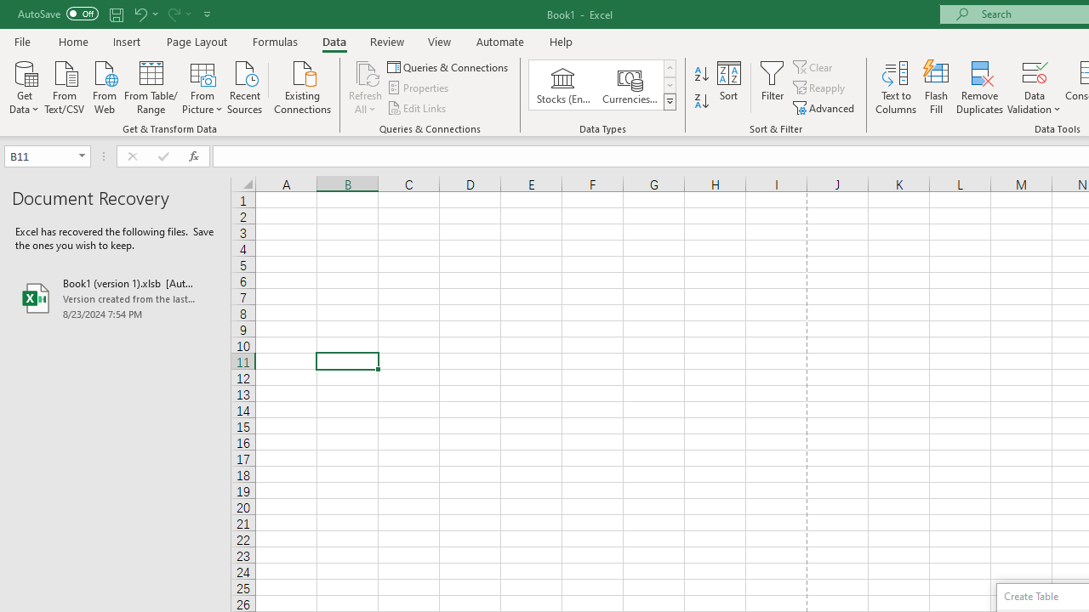 The width and height of the screenshot is (1089, 612). Describe the element at coordinates (701, 73) in the screenshot. I see `'Sort A to Z'` at that location.